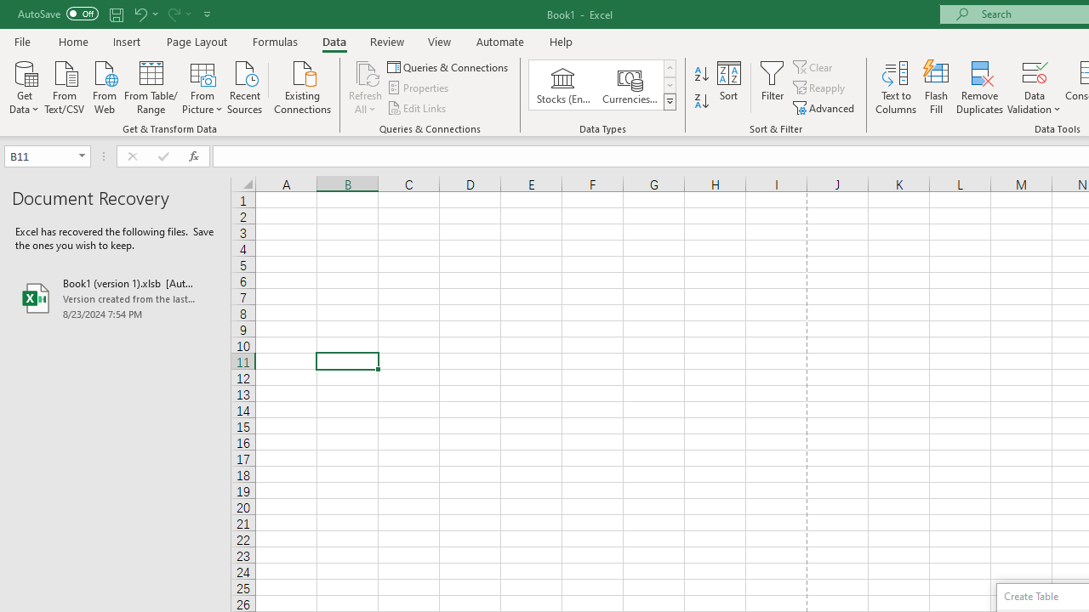 The width and height of the screenshot is (1089, 612). Describe the element at coordinates (701, 73) in the screenshot. I see `'Sort A to Z'` at that location.